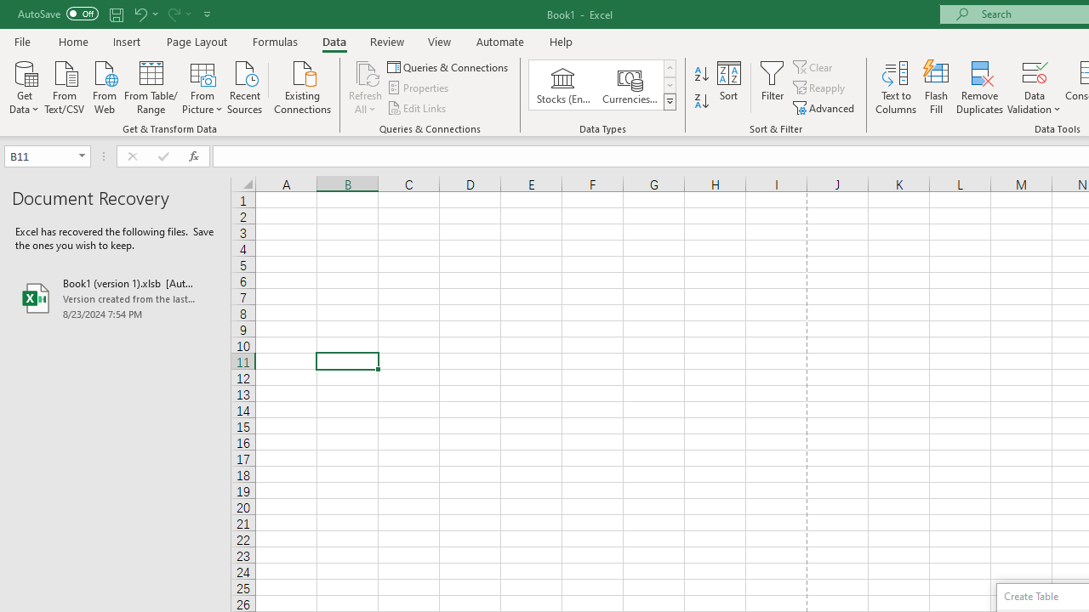 The width and height of the screenshot is (1089, 612). Describe the element at coordinates (701, 73) in the screenshot. I see `'Sort A to Z'` at that location.